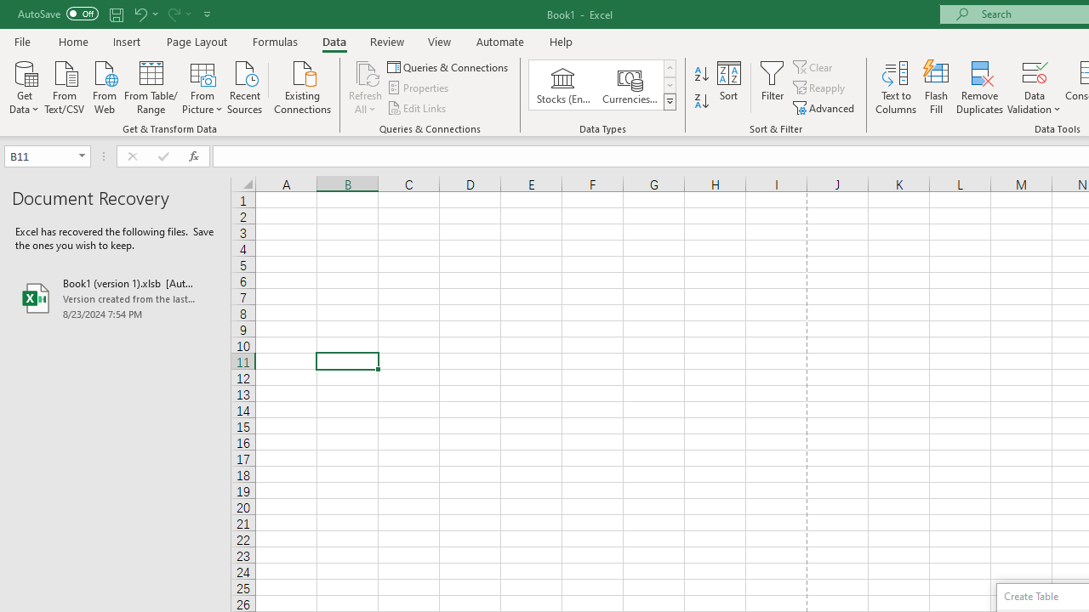 The width and height of the screenshot is (1089, 612). Describe the element at coordinates (701, 73) in the screenshot. I see `'Sort A to Z'` at that location.